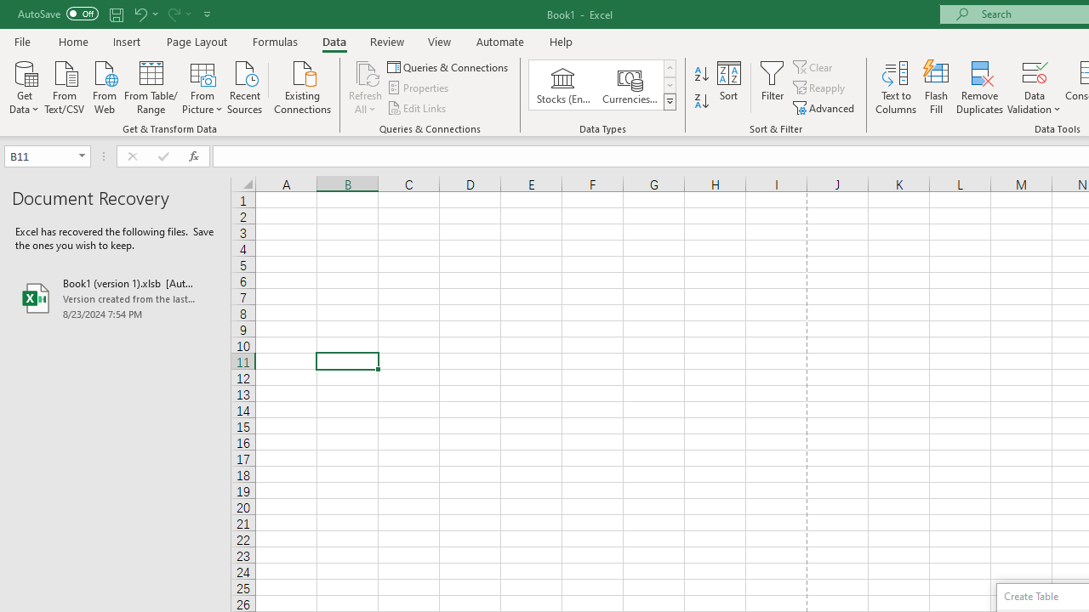 The width and height of the screenshot is (1089, 612). Describe the element at coordinates (701, 73) in the screenshot. I see `'Sort A to Z'` at that location.